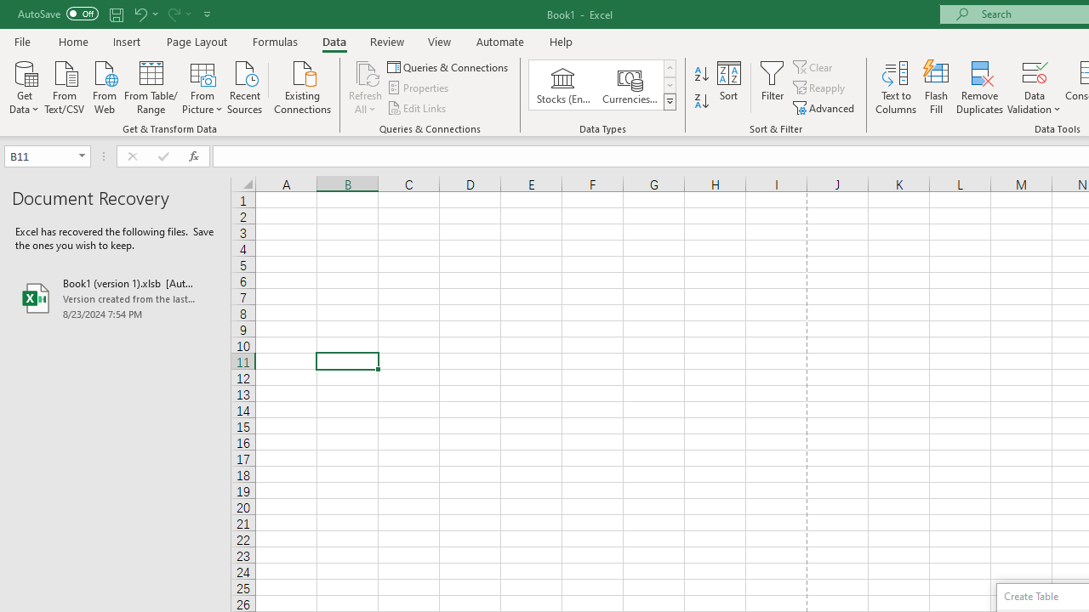 The width and height of the screenshot is (1089, 612). Describe the element at coordinates (701, 73) in the screenshot. I see `'Sort A to Z'` at that location.